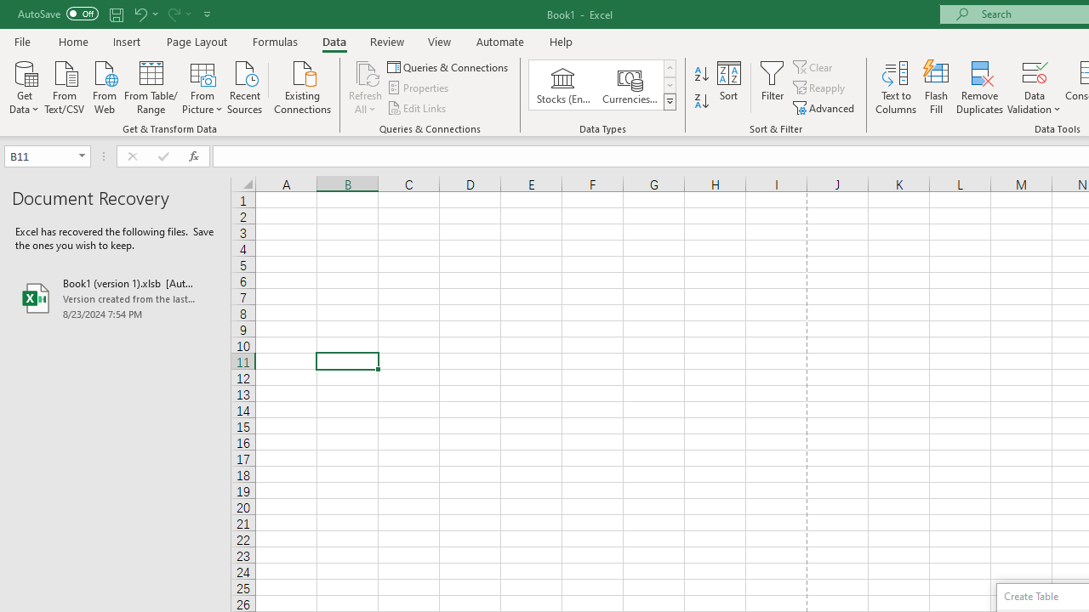 The width and height of the screenshot is (1089, 612). Describe the element at coordinates (701, 73) in the screenshot. I see `'Sort A to Z'` at that location.